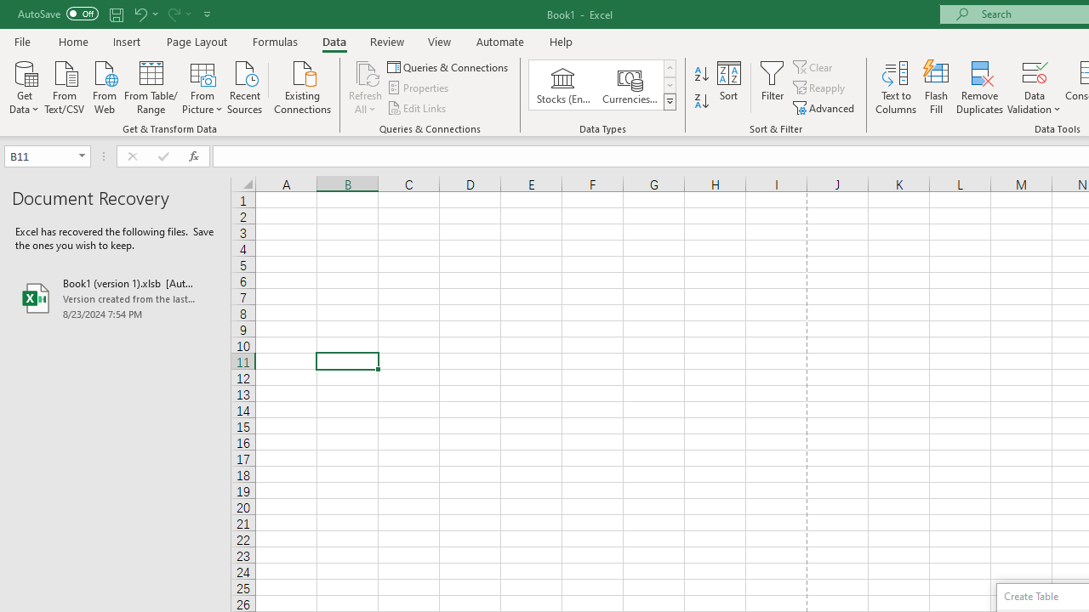 The width and height of the screenshot is (1089, 612). Describe the element at coordinates (701, 73) in the screenshot. I see `'Sort A to Z'` at that location.